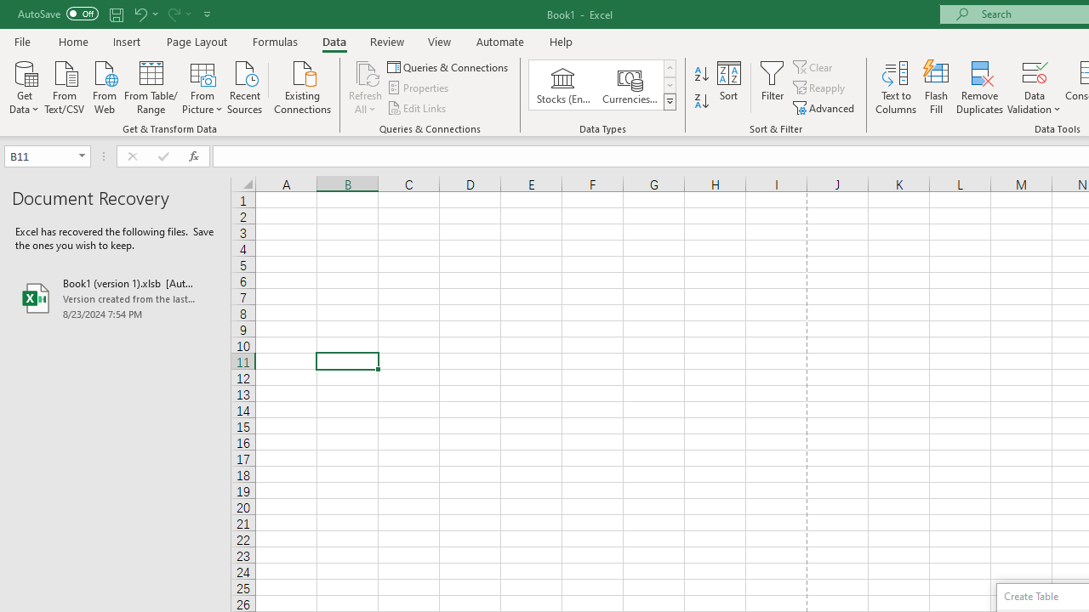 The width and height of the screenshot is (1089, 612). Describe the element at coordinates (701, 73) in the screenshot. I see `'Sort A to Z'` at that location.